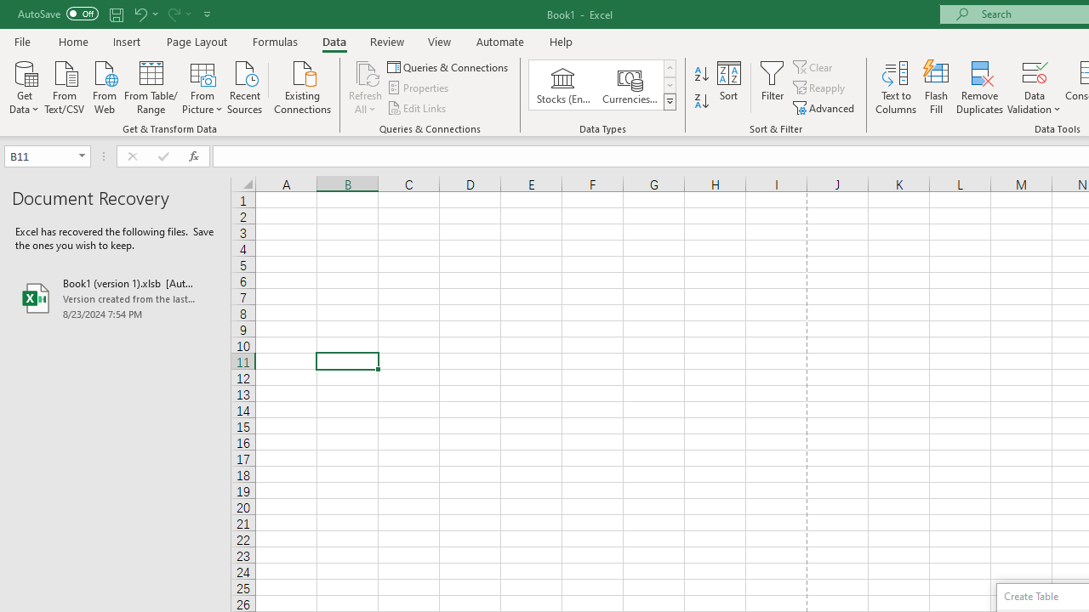 The width and height of the screenshot is (1089, 612). Describe the element at coordinates (701, 73) in the screenshot. I see `'Sort A to Z'` at that location.